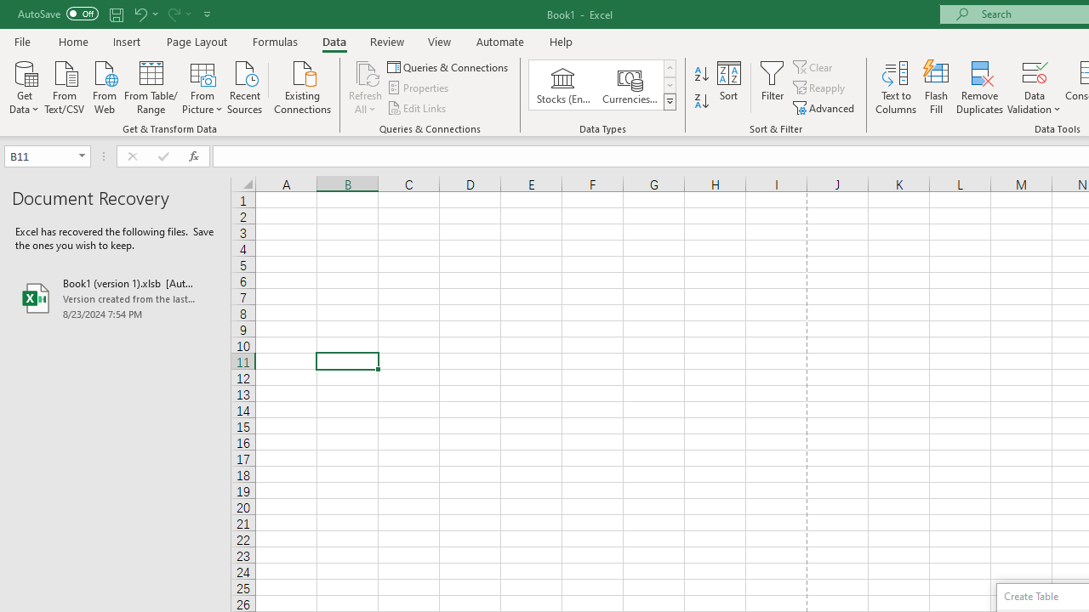 The width and height of the screenshot is (1089, 612). Describe the element at coordinates (701, 73) in the screenshot. I see `'Sort A to Z'` at that location.